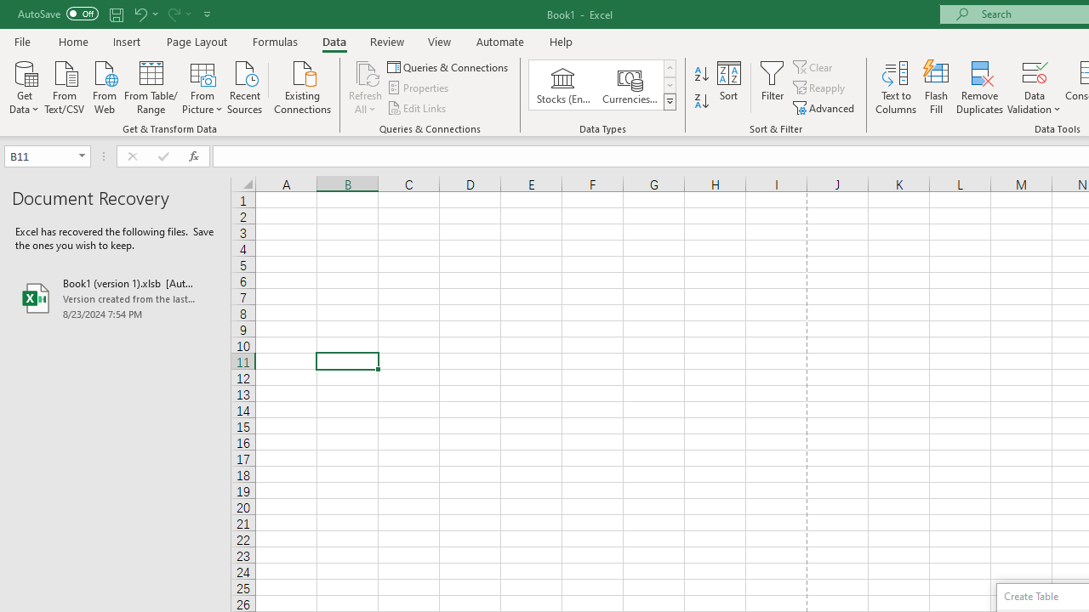 The width and height of the screenshot is (1089, 612). Describe the element at coordinates (701, 73) in the screenshot. I see `'Sort A to Z'` at that location.